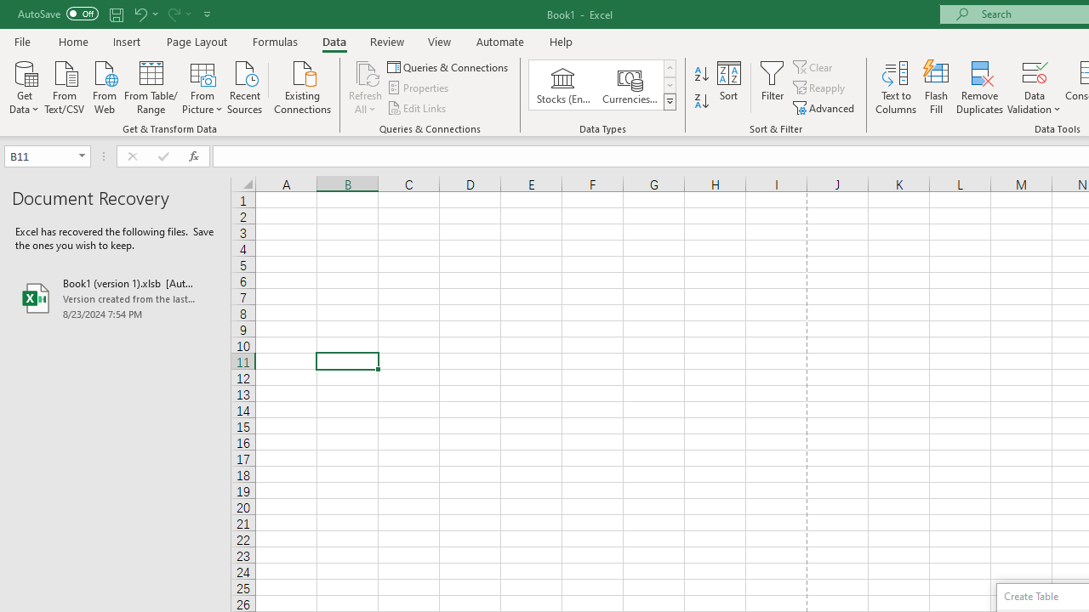 The width and height of the screenshot is (1089, 612). Describe the element at coordinates (701, 73) in the screenshot. I see `'Sort A to Z'` at that location.